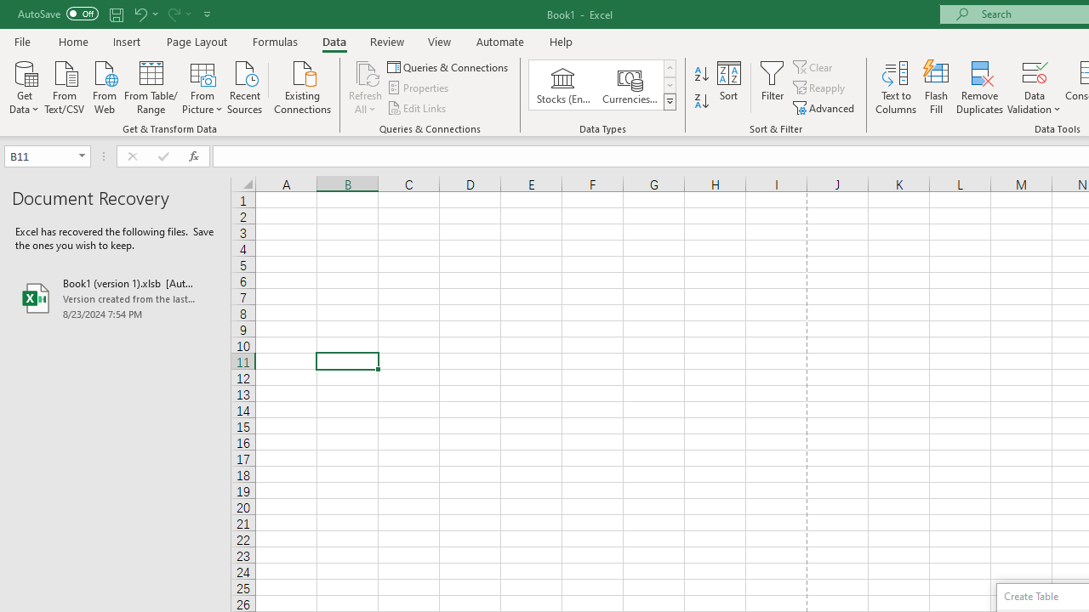 The width and height of the screenshot is (1089, 612). Describe the element at coordinates (701, 73) in the screenshot. I see `'Sort A to Z'` at that location.